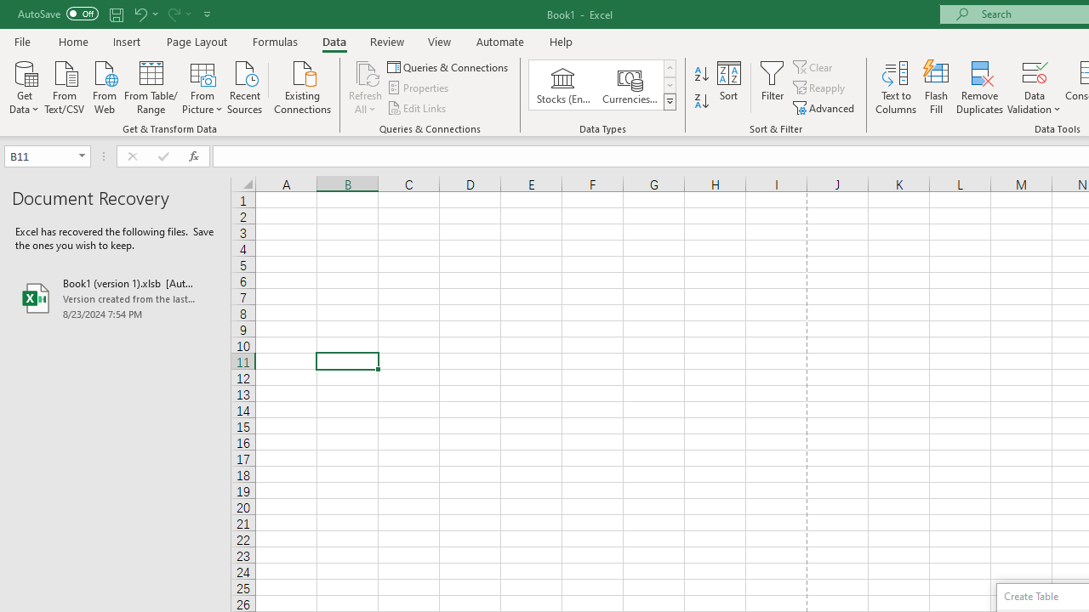 The width and height of the screenshot is (1089, 612). Describe the element at coordinates (701, 73) in the screenshot. I see `'Sort A to Z'` at that location.